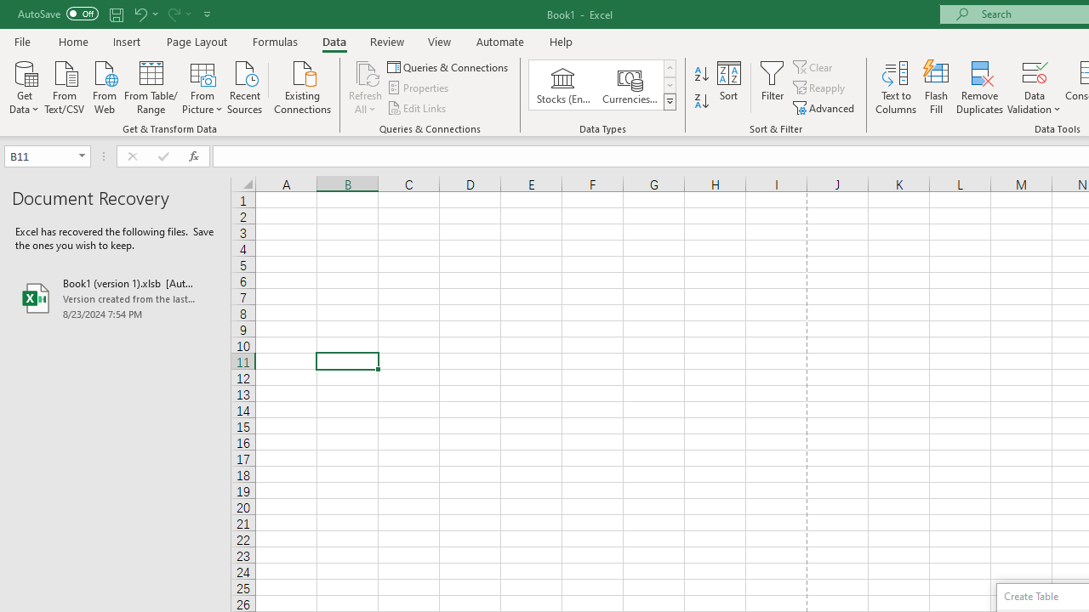 The width and height of the screenshot is (1089, 612). Describe the element at coordinates (701, 73) in the screenshot. I see `'Sort A to Z'` at that location.